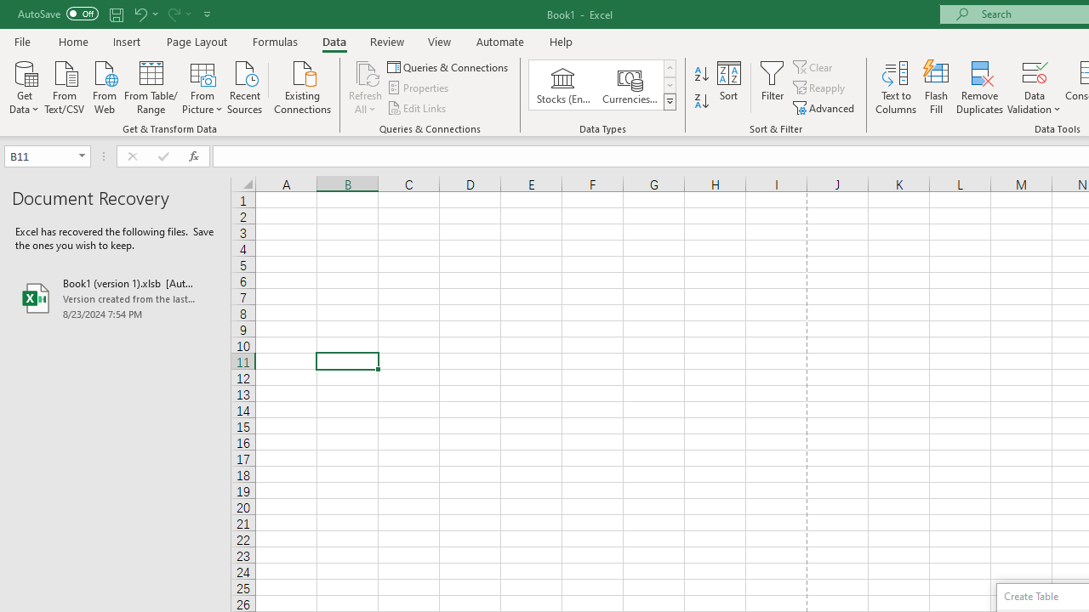 The width and height of the screenshot is (1089, 612). Describe the element at coordinates (701, 73) in the screenshot. I see `'Sort A to Z'` at that location.